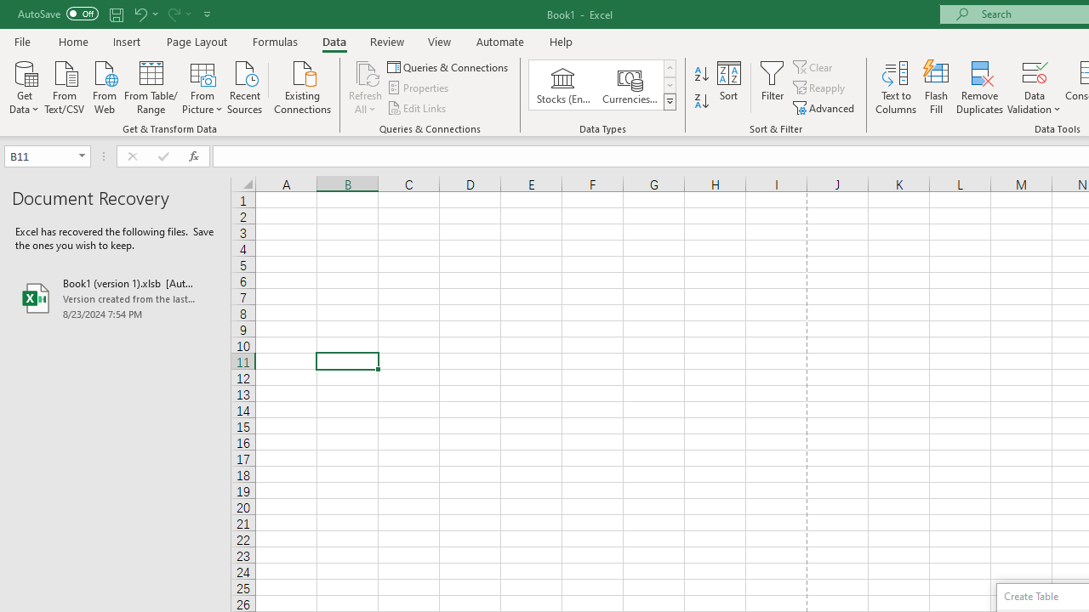 The width and height of the screenshot is (1089, 612). Describe the element at coordinates (701, 73) in the screenshot. I see `'Sort A to Z'` at that location.